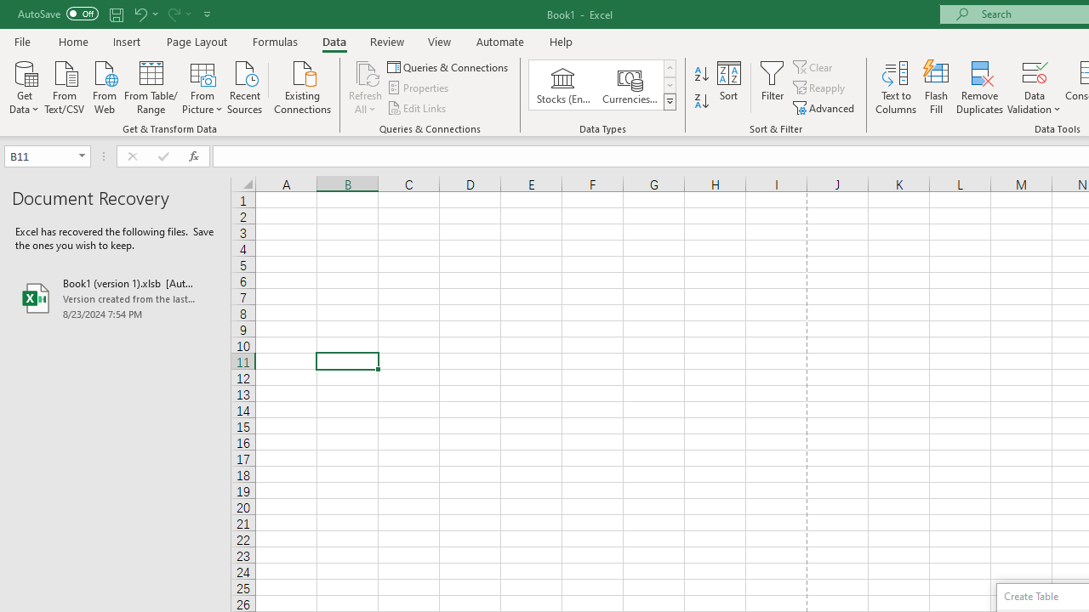 The width and height of the screenshot is (1089, 612). Describe the element at coordinates (701, 73) in the screenshot. I see `'Sort A to Z'` at that location.